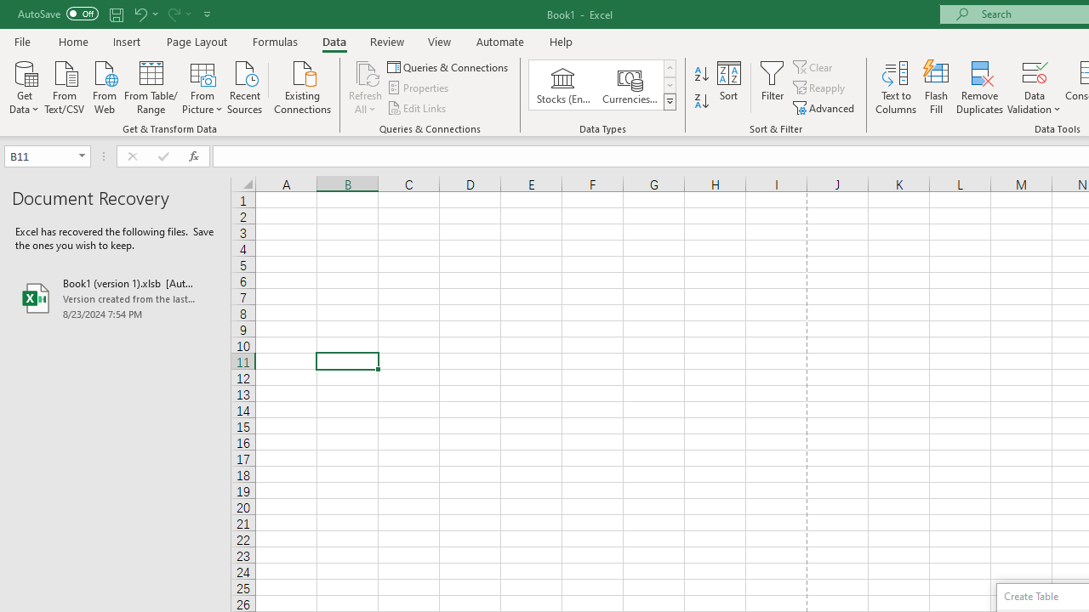 The width and height of the screenshot is (1089, 612). Describe the element at coordinates (701, 73) in the screenshot. I see `'Sort A to Z'` at that location.